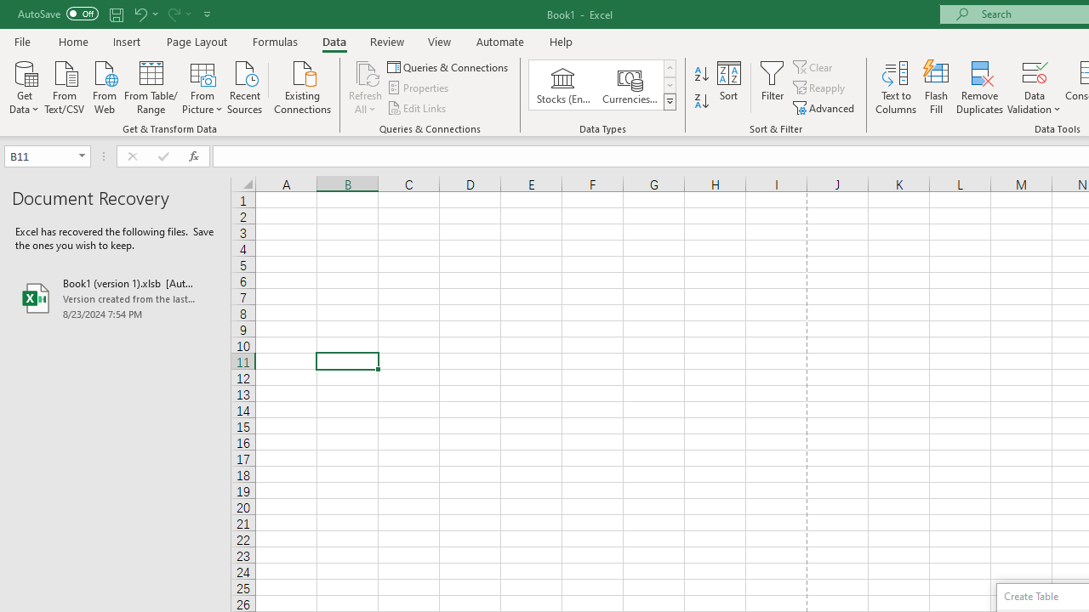 The width and height of the screenshot is (1089, 612). Describe the element at coordinates (701, 73) in the screenshot. I see `'Sort A to Z'` at that location.